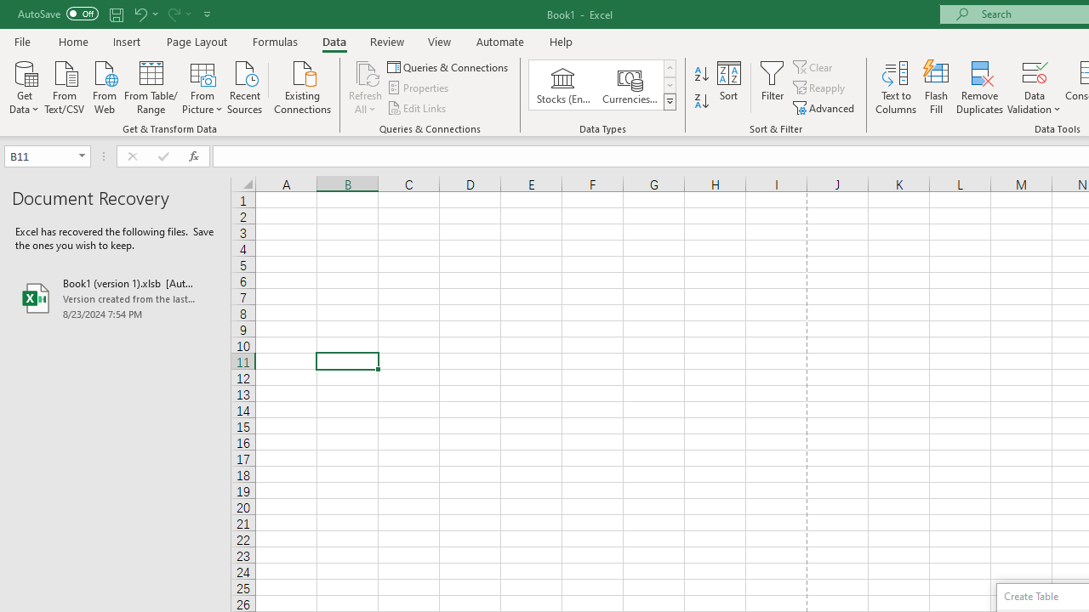 The width and height of the screenshot is (1089, 612). Describe the element at coordinates (701, 73) in the screenshot. I see `'Sort A to Z'` at that location.